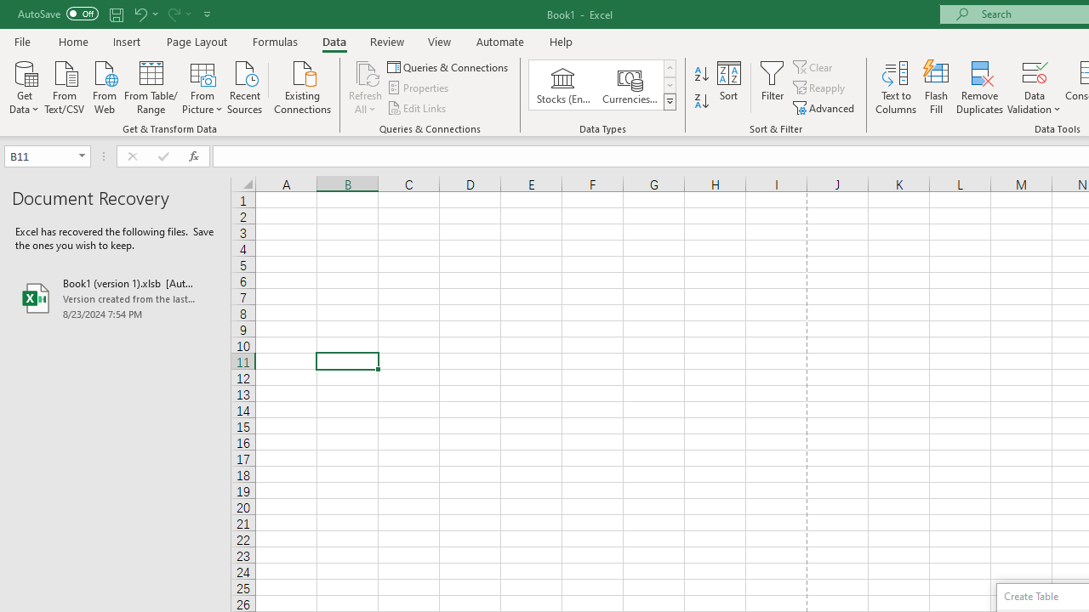 The width and height of the screenshot is (1089, 612). Describe the element at coordinates (701, 73) in the screenshot. I see `'Sort A to Z'` at that location.